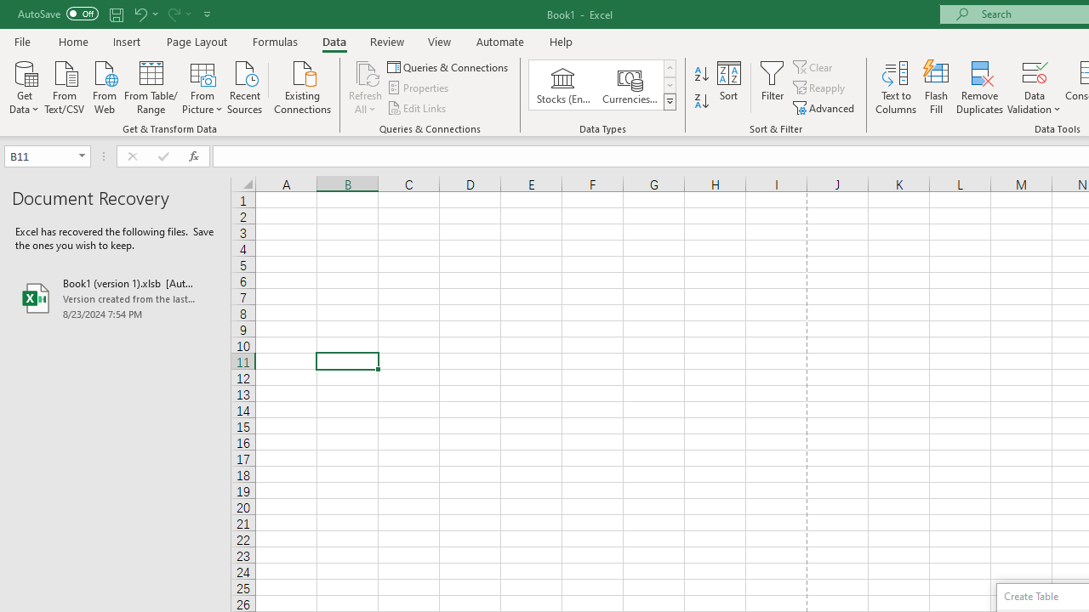 The width and height of the screenshot is (1089, 612). Describe the element at coordinates (701, 73) in the screenshot. I see `'Sort A to Z'` at that location.